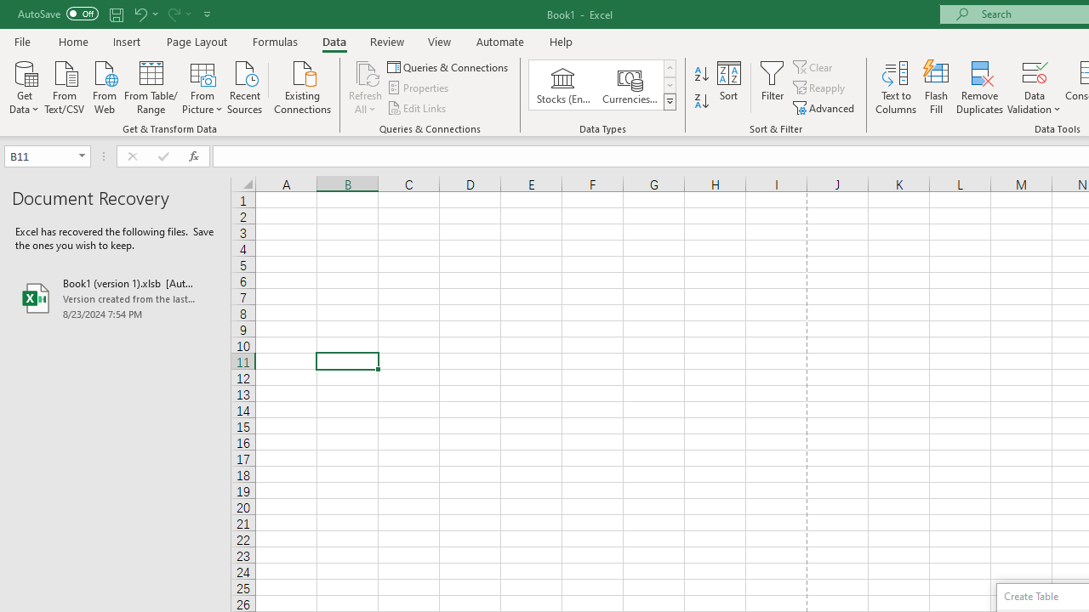 The width and height of the screenshot is (1089, 612). Describe the element at coordinates (701, 73) in the screenshot. I see `'Sort A to Z'` at that location.